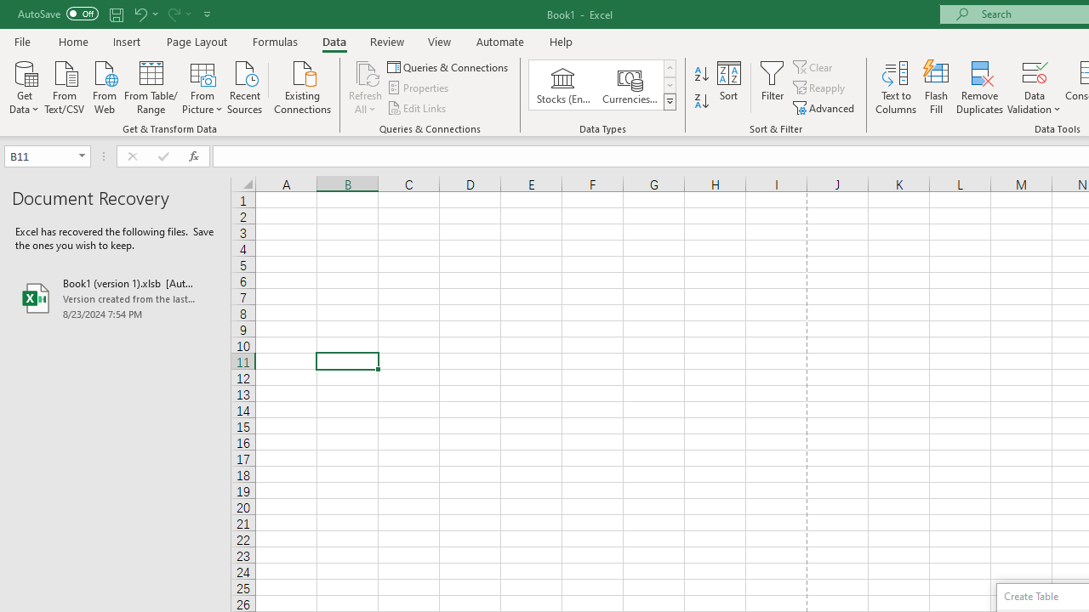 The width and height of the screenshot is (1089, 612). Describe the element at coordinates (701, 73) in the screenshot. I see `'Sort A to Z'` at that location.